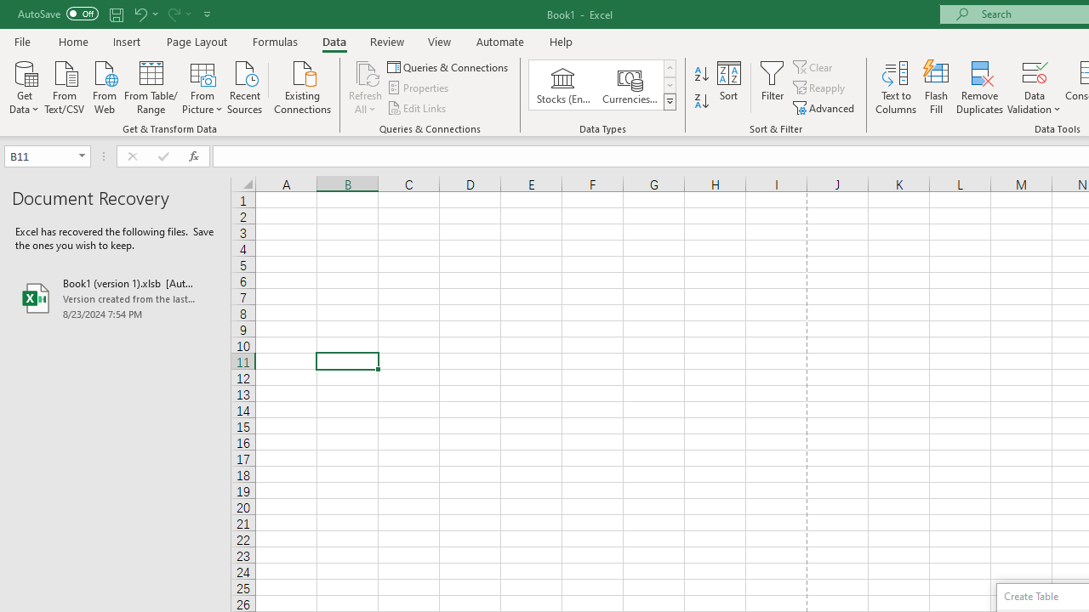 The width and height of the screenshot is (1089, 612). Describe the element at coordinates (701, 73) in the screenshot. I see `'Sort A to Z'` at that location.